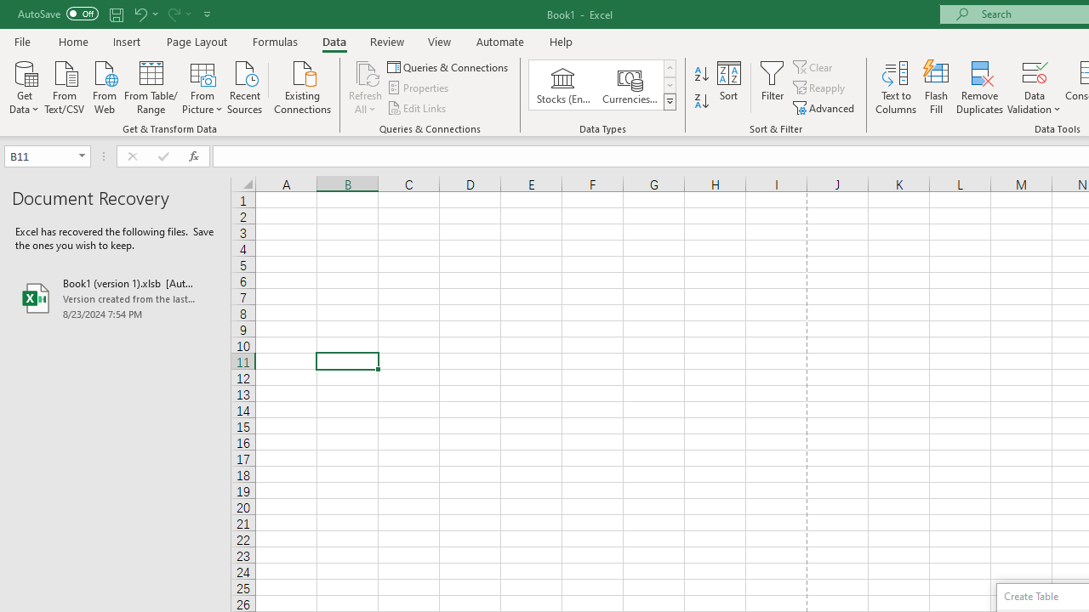 The width and height of the screenshot is (1089, 612). Describe the element at coordinates (701, 73) in the screenshot. I see `'Sort A to Z'` at that location.